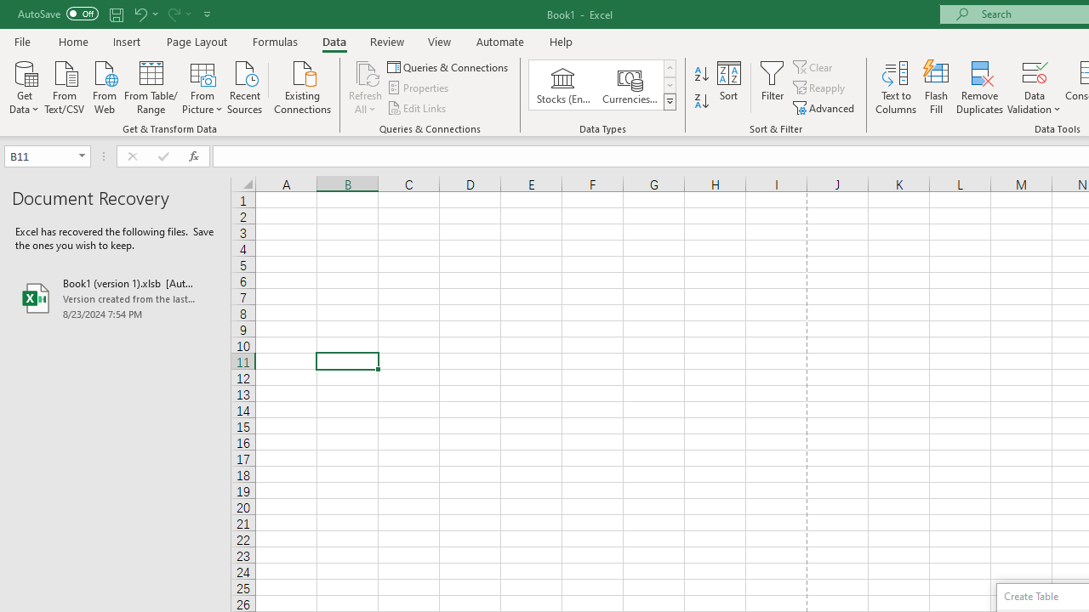 The width and height of the screenshot is (1089, 612). Describe the element at coordinates (701, 73) in the screenshot. I see `'Sort A to Z'` at that location.